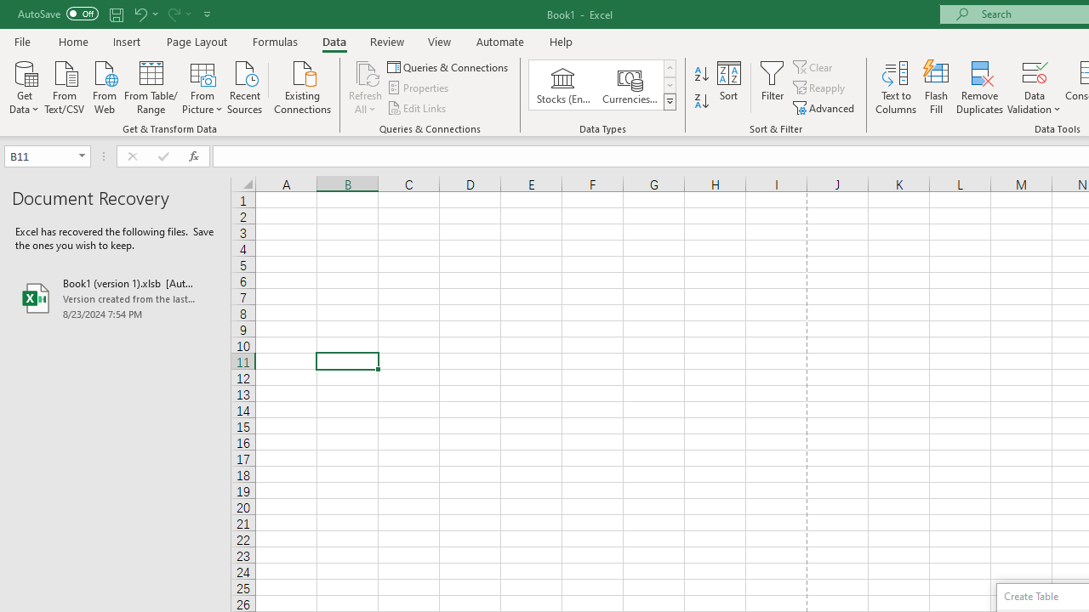 The width and height of the screenshot is (1089, 612). Describe the element at coordinates (701, 73) in the screenshot. I see `'Sort A to Z'` at that location.